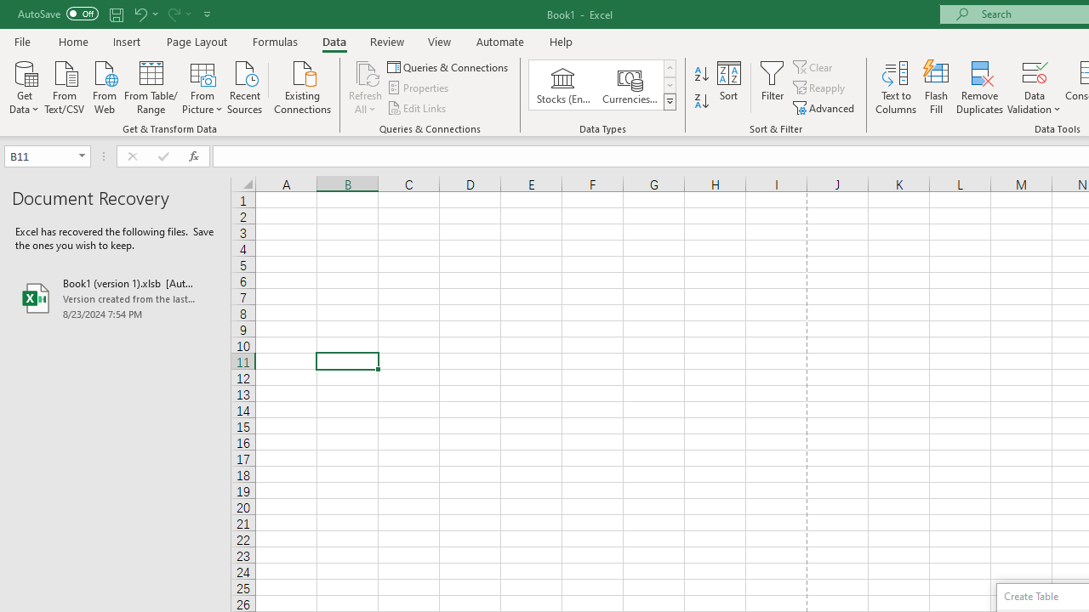 The width and height of the screenshot is (1089, 612). Describe the element at coordinates (701, 73) in the screenshot. I see `'Sort A to Z'` at that location.